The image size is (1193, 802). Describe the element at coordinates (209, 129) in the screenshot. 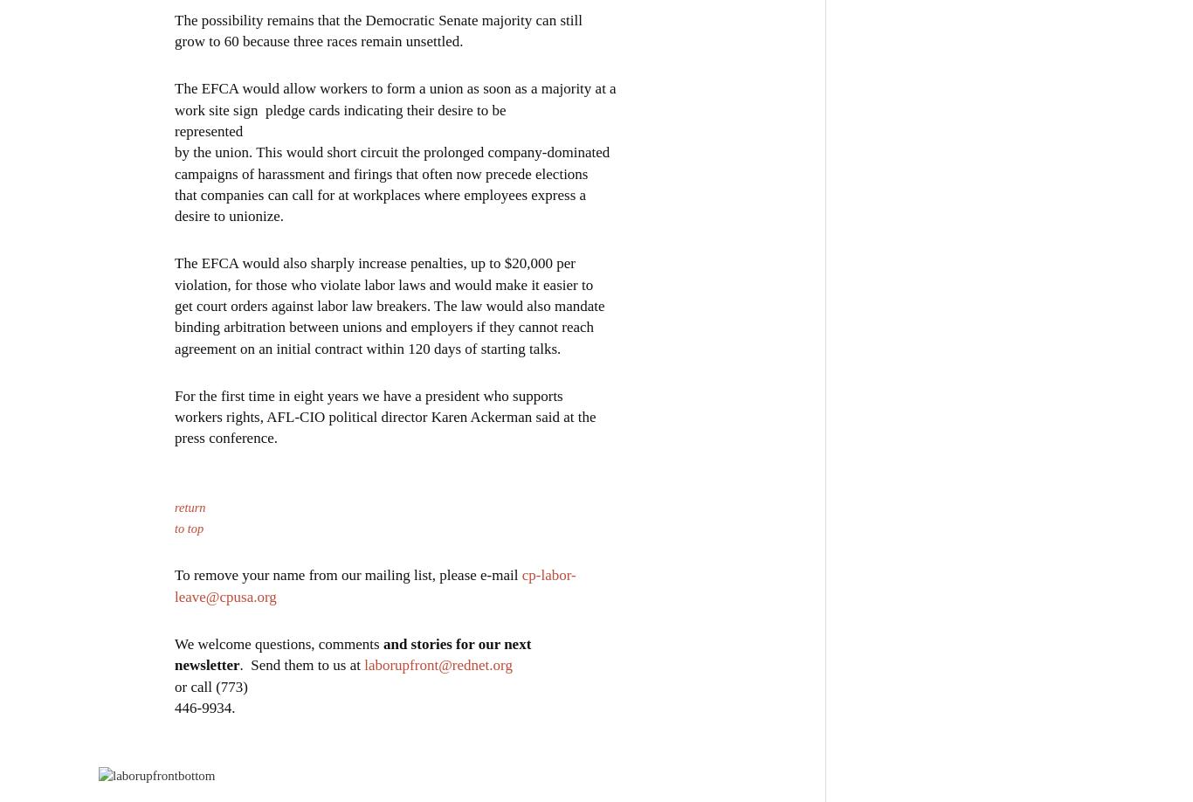

I see `'represented'` at that location.